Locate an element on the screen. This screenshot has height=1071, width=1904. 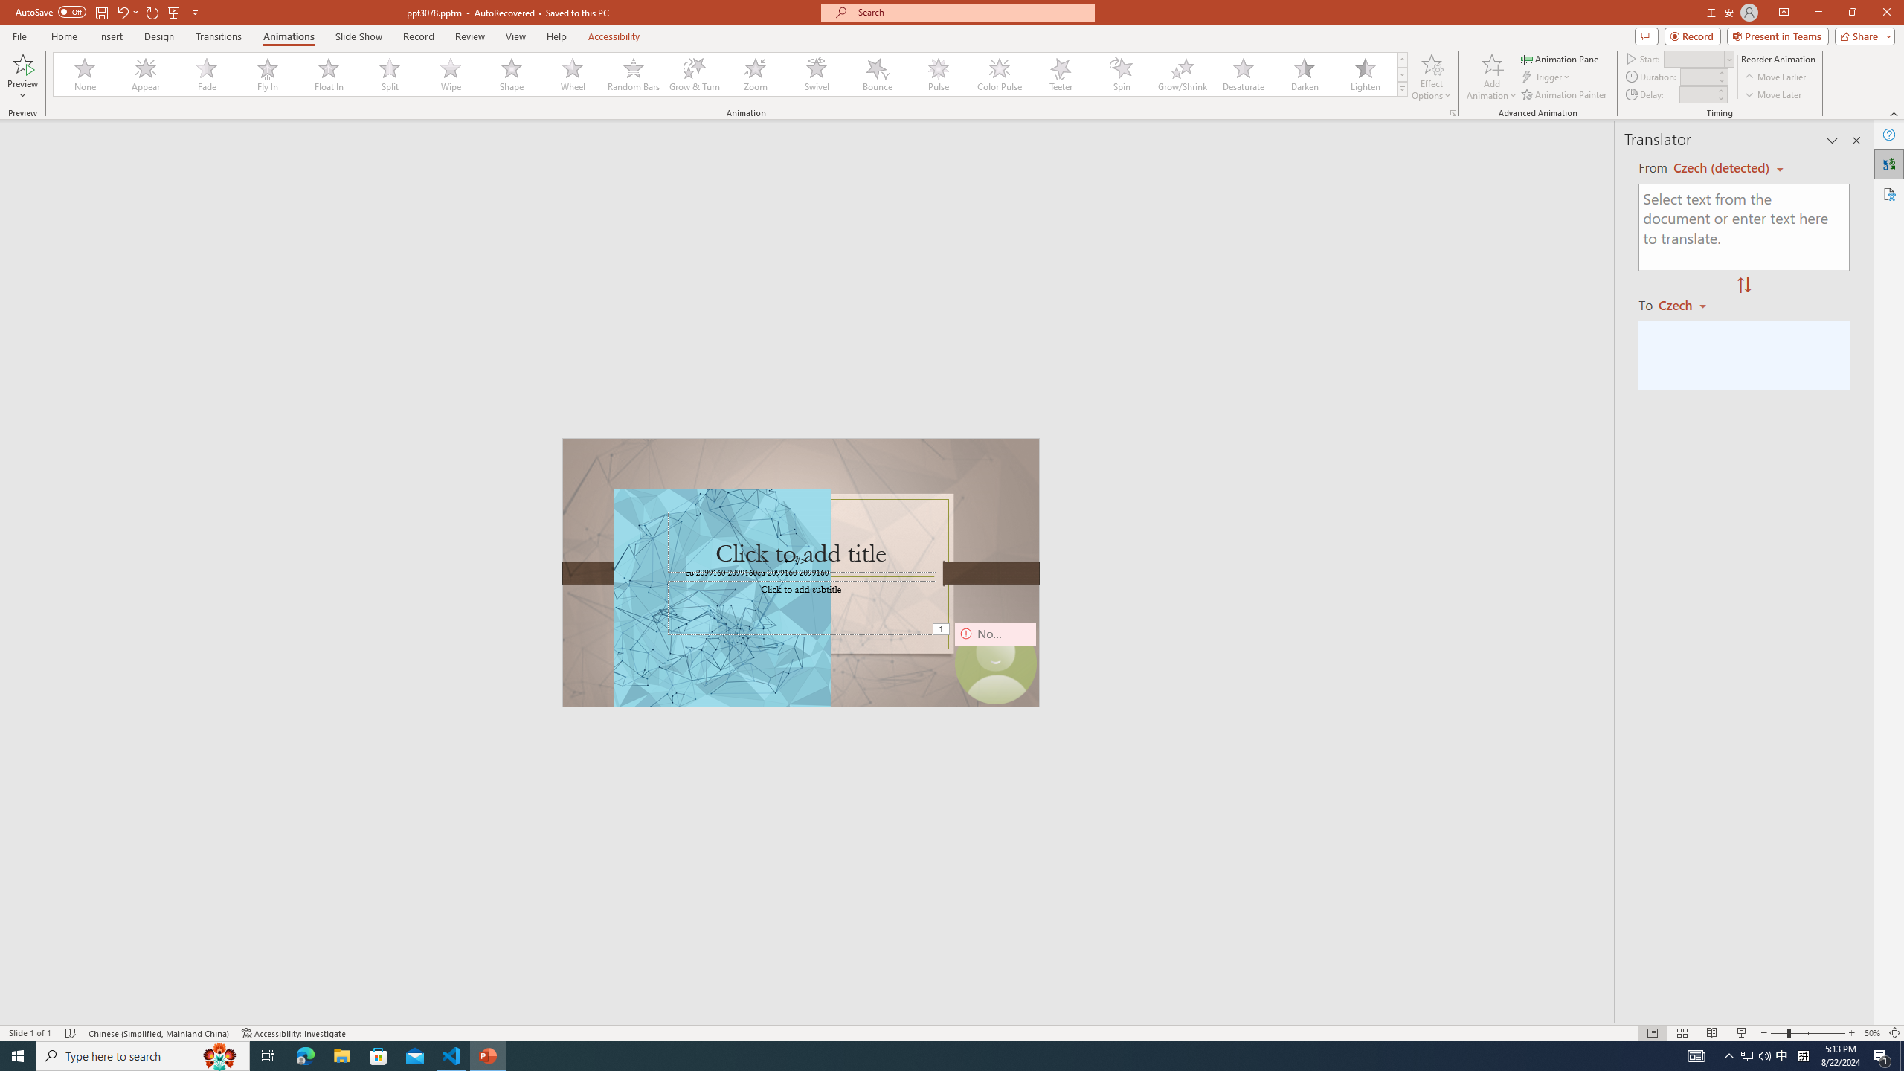
'Wipe' is located at coordinates (451, 74).